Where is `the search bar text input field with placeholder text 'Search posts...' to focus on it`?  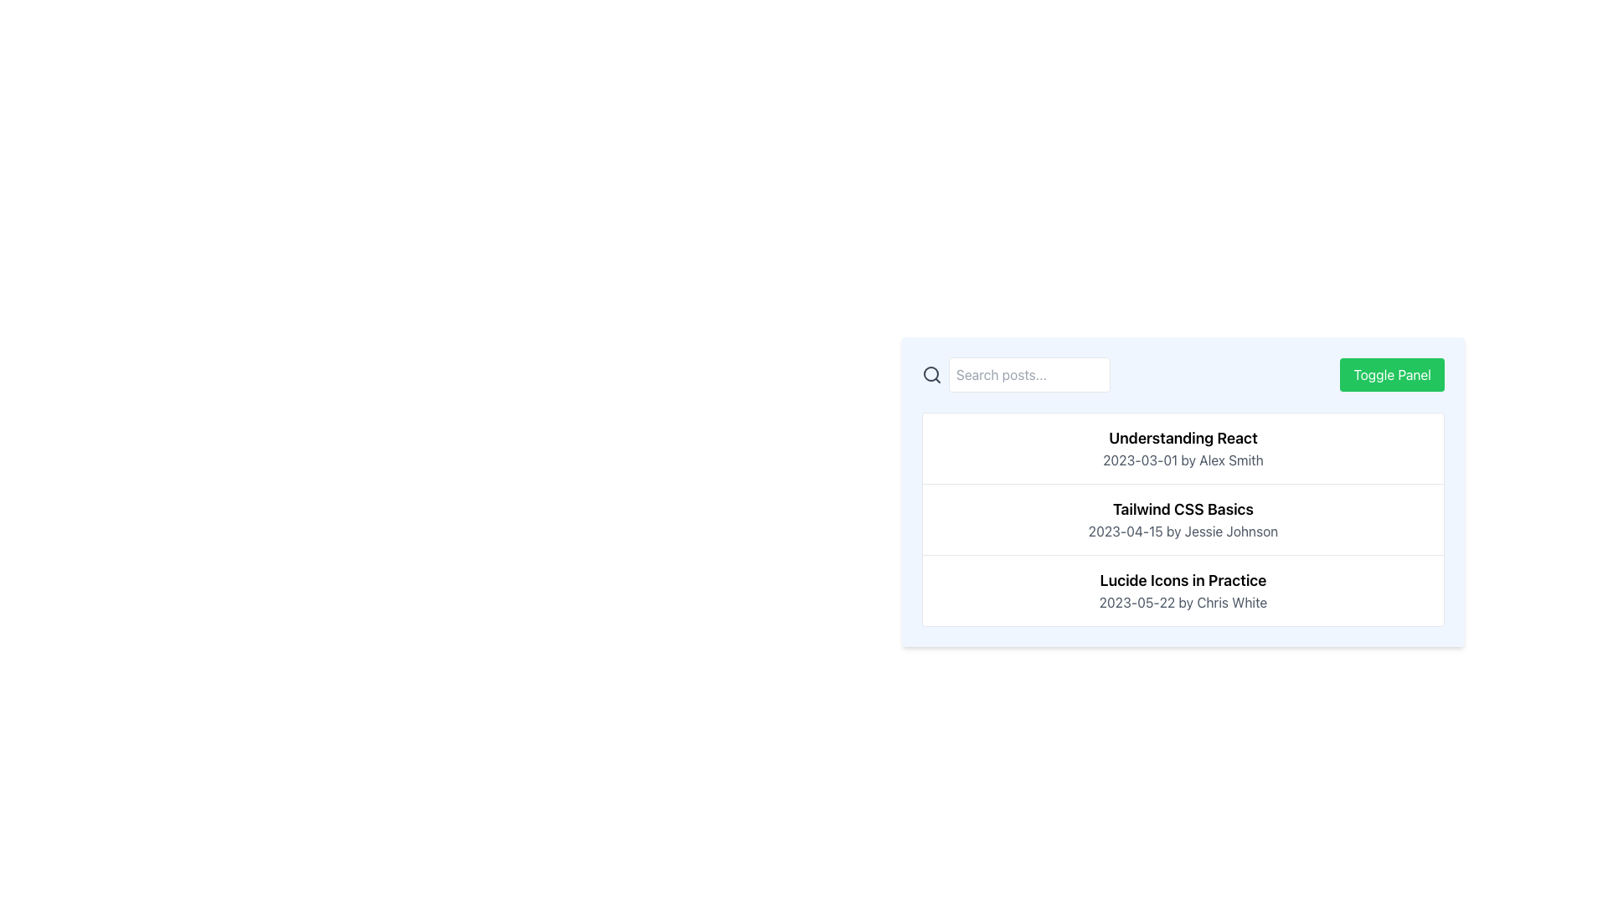
the search bar text input field with placeholder text 'Search posts...' to focus on it is located at coordinates (1015, 373).